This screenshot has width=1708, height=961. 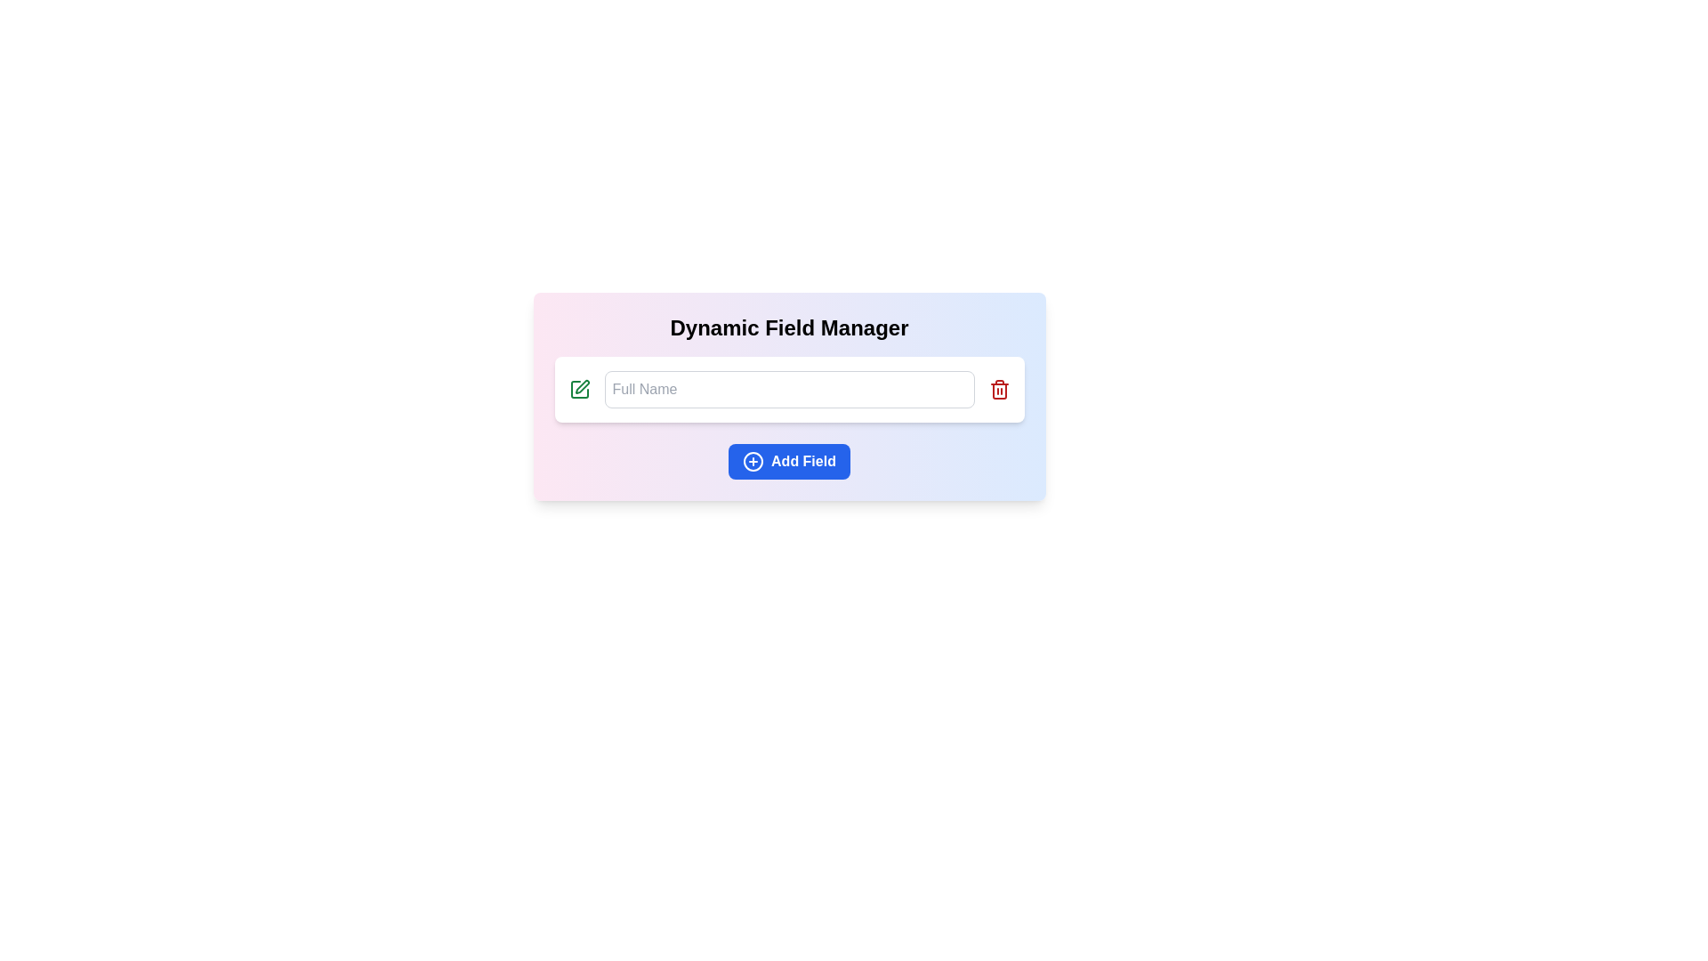 What do you see at coordinates (582, 386) in the screenshot?
I see `the Edit Icon button, which is a pen-shaped icon within a square outline, styled in green and located on the left side of the input field for 'Full Name'` at bounding box center [582, 386].